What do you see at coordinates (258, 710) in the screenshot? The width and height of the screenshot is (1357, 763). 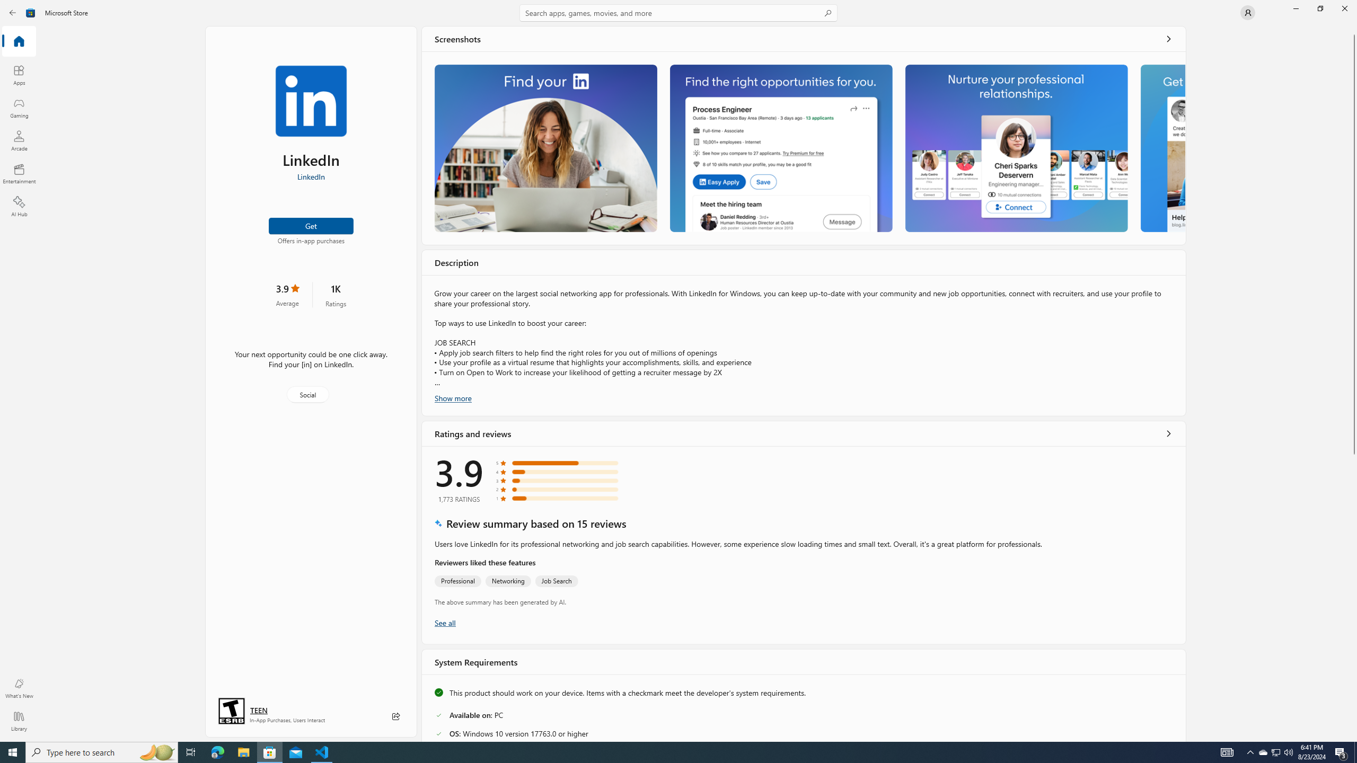 I see `'Age rating: TEEN. Click for more information.'` at bounding box center [258, 710].